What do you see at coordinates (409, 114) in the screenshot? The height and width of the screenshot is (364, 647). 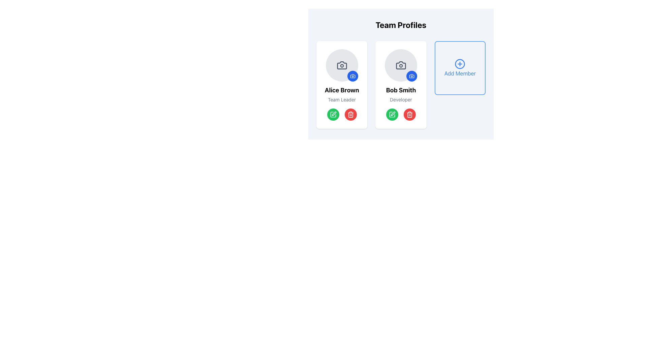 I see `the delete button located` at bounding box center [409, 114].